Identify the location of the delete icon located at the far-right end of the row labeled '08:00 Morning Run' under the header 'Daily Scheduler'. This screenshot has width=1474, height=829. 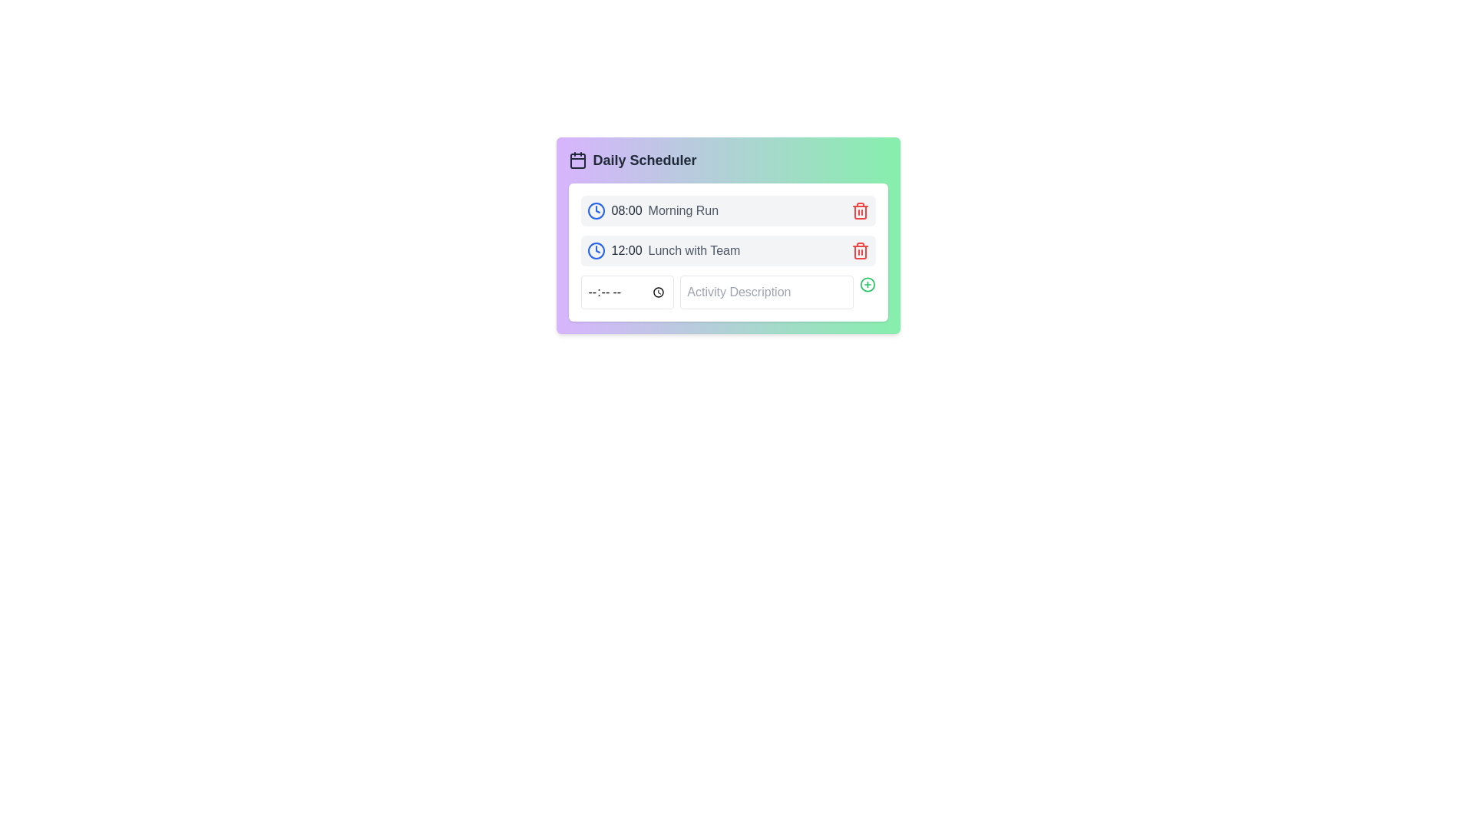
(860, 210).